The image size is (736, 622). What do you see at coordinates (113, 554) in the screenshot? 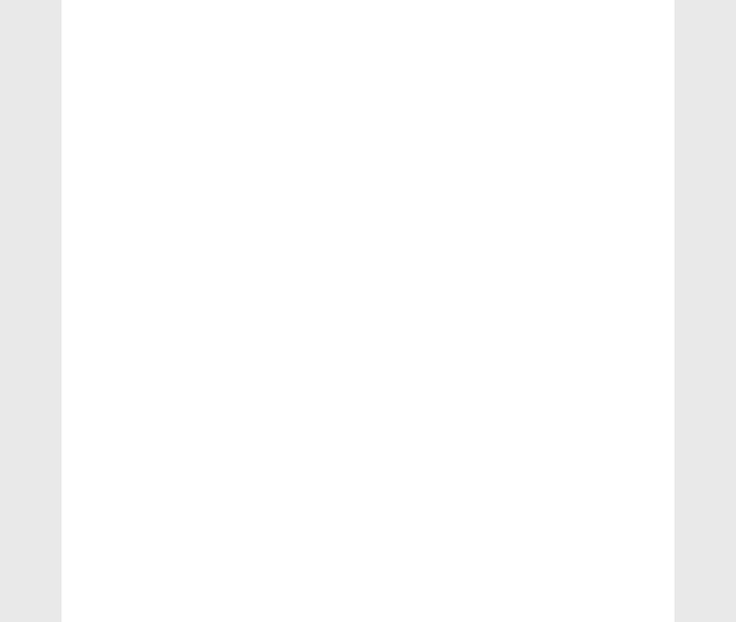
I see `'motivation'` at bounding box center [113, 554].